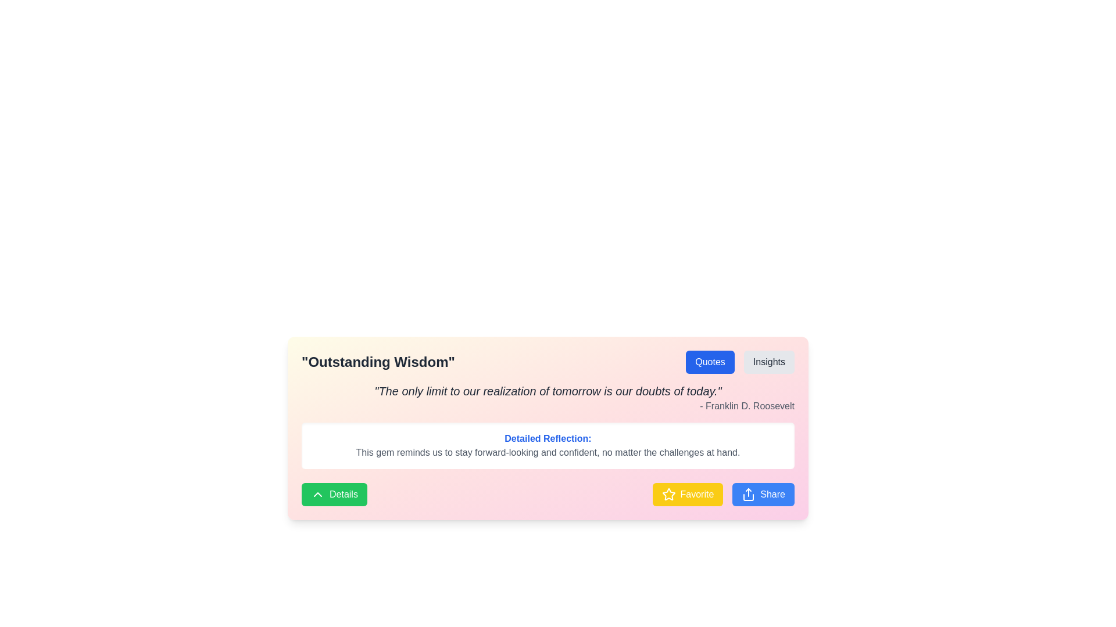  I want to click on the 'Quotes' button which is a rectangular button with white text on a blue background, located in the top-right section of a content card, so click(710, 362).